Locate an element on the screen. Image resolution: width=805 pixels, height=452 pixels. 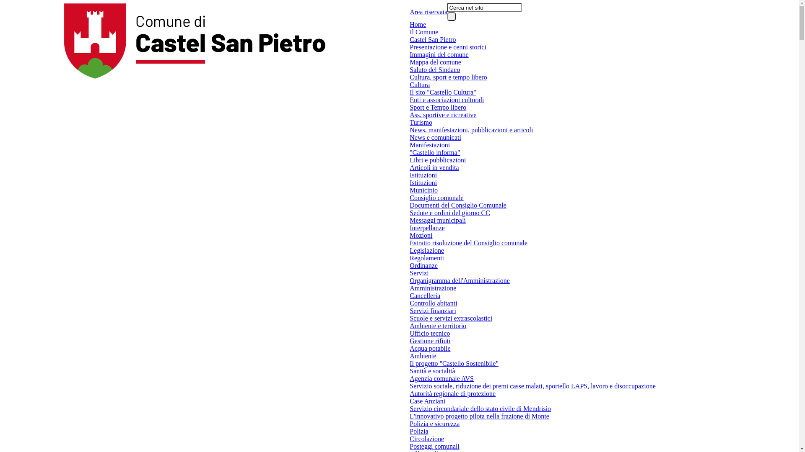
'Presentazione e cenni storici' is located at coordinates (410, 47).